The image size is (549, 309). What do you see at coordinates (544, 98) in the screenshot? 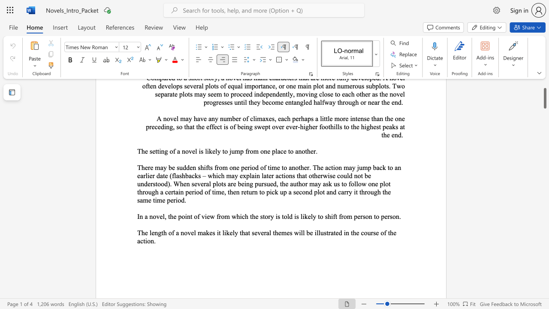
I see `the scrollbar and move up 10 pixels` at bounding box center [544, 98].